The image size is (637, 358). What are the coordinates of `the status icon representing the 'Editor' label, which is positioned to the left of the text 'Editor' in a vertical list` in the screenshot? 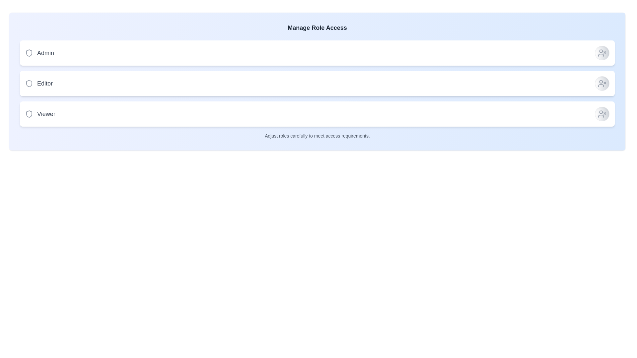 It's located at (29, 83).